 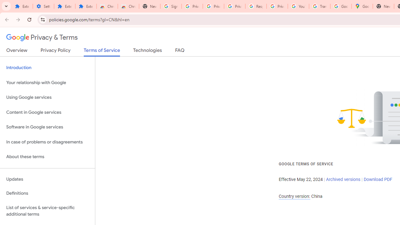 I want to click on 'Using Google services', so click(x=47, y=97).